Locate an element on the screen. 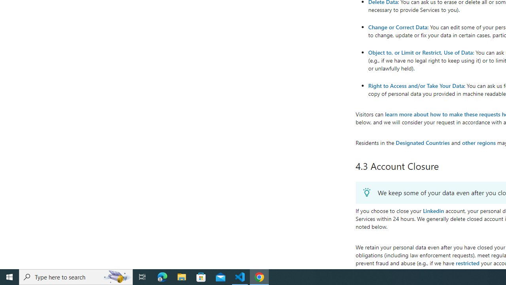 The width and height of the screenshot is (506, 285). 'Change or Correct Data' is located at coordinates (398, 27).